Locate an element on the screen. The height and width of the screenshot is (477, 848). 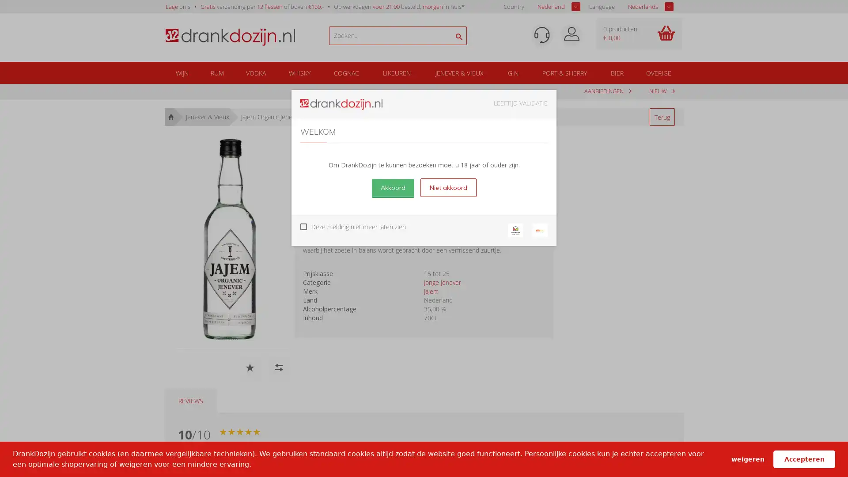
Akkoord is located at coordinates (392, 187).